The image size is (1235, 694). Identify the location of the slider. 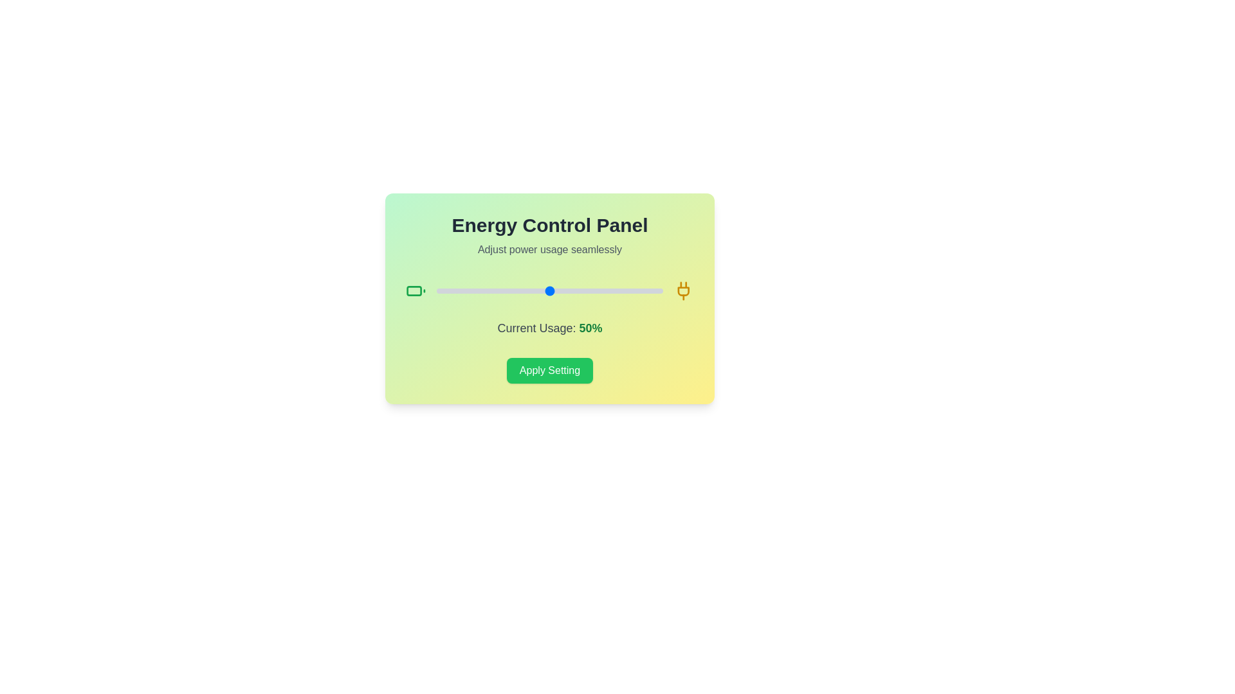
(471, 290).